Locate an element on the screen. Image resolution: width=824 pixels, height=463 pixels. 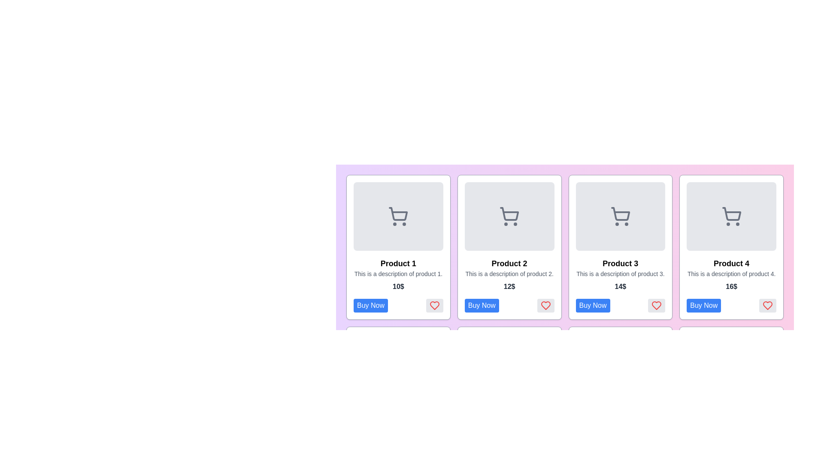
the static text label displaying the product title in the fourth card of the grid layout is located at coordinates (731, 263).